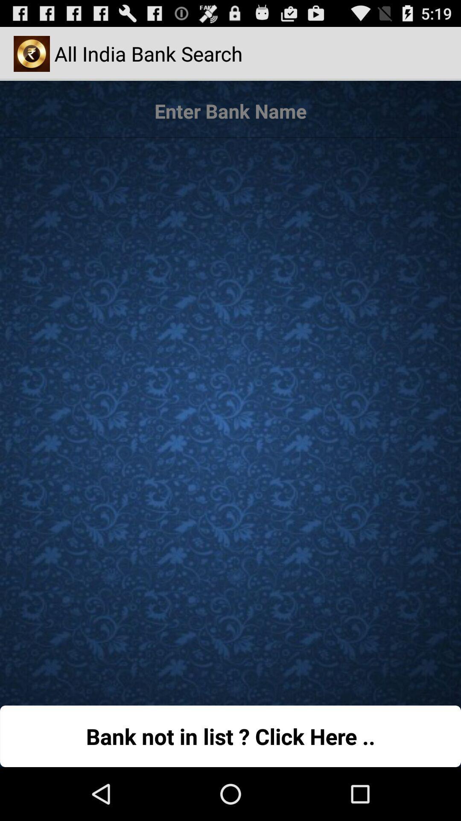  Describe the element at coordinates (230, 417) in the screenshot. I see `icon at the center` at that location.